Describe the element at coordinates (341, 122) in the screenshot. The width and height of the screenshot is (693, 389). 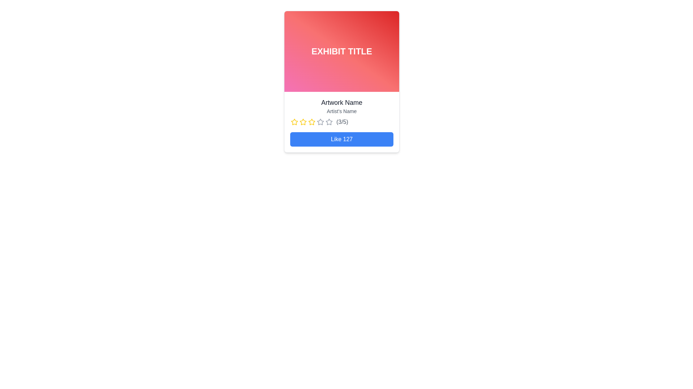
I see `the Text label that displays the current rating for the artwork, positioned below 'Artist's Name' and above the 'Like 127' button, and immediately to the right of the star rating icons` at that location.